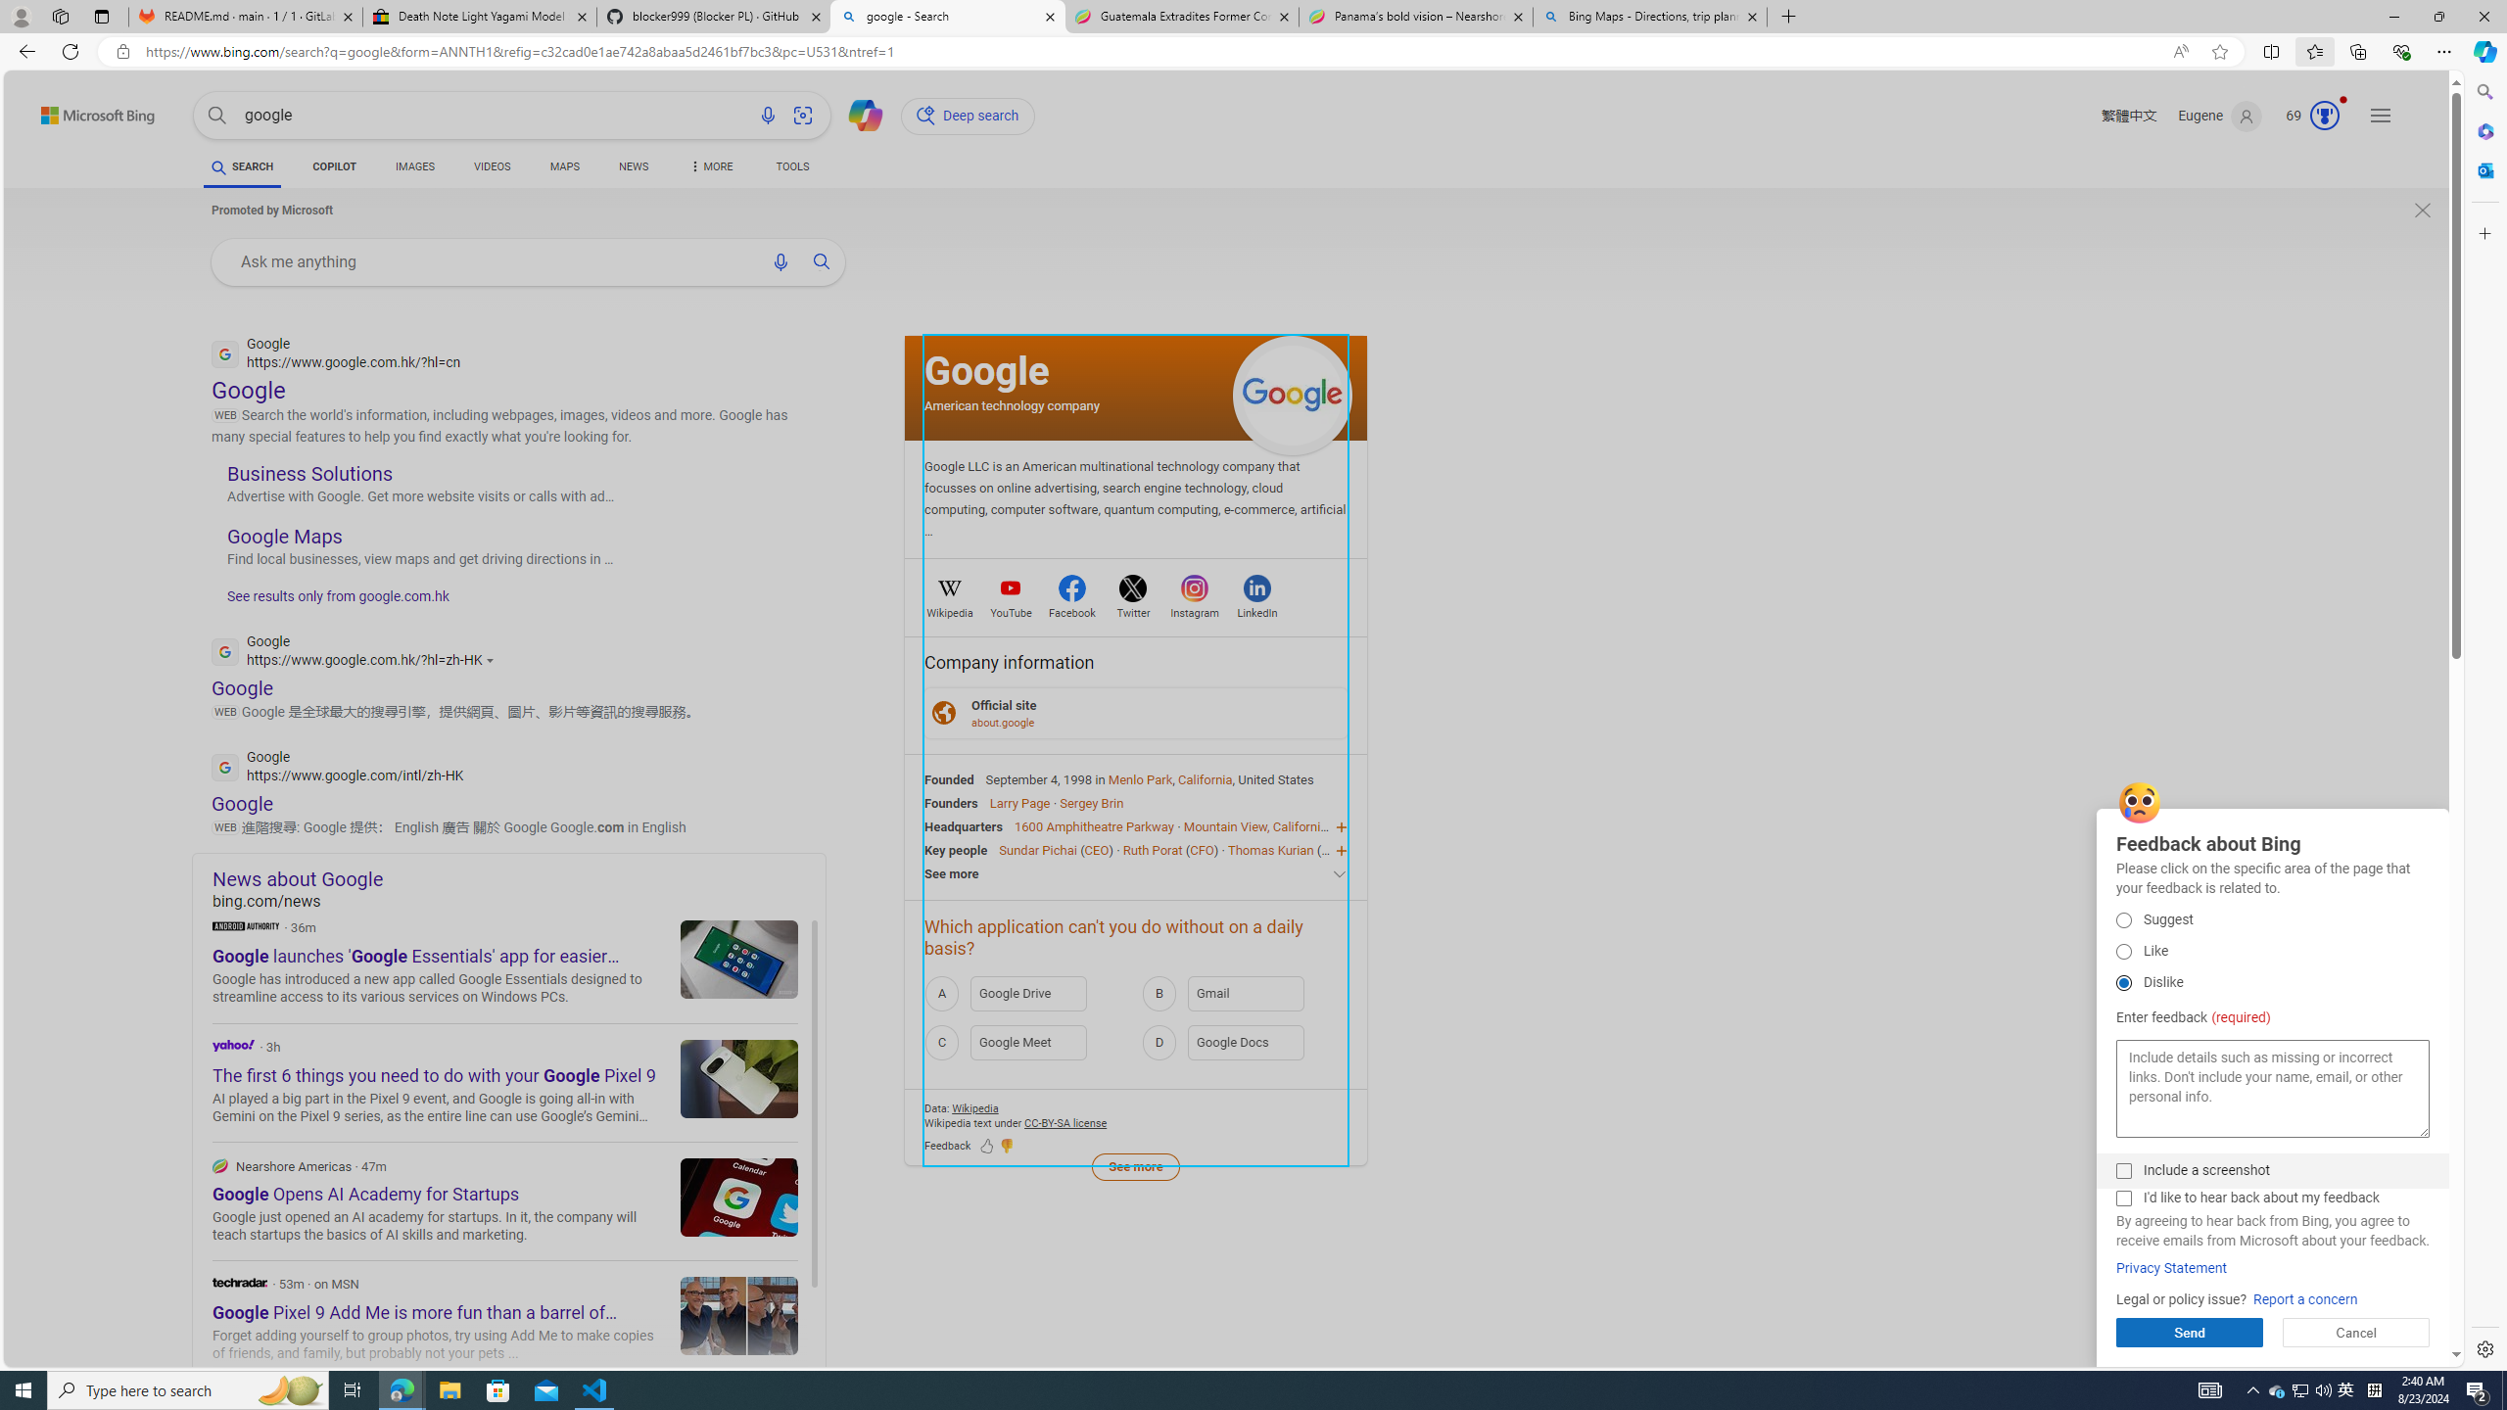 Image resolution: width=2507 pixels, height=1410 pixels. I want to click on 'Send', so click(2189, 1332).